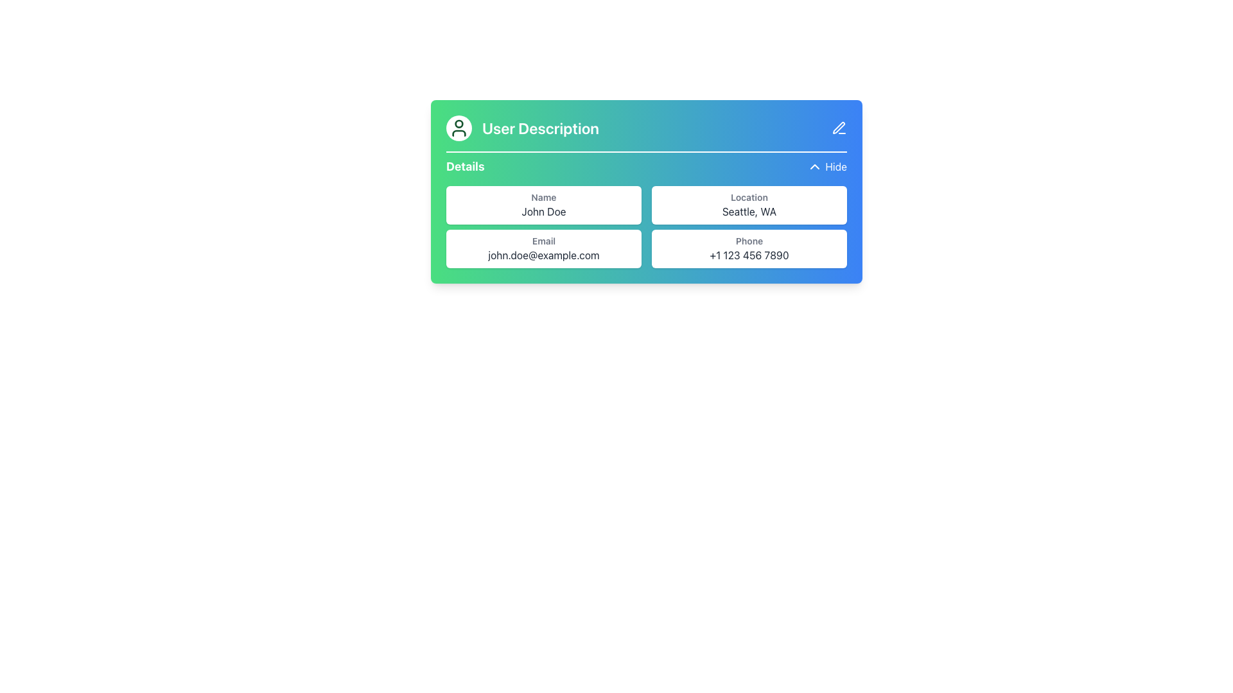 The height and width of the screenshot is (693, 1233). What do you see at coordinates (836, 166) in the screenshot?
I see `the text label located at the bottom-right corner of the top section of the card interface, which indicates the action of toggling visibility for the content below it` at bounding box center [836, 166].